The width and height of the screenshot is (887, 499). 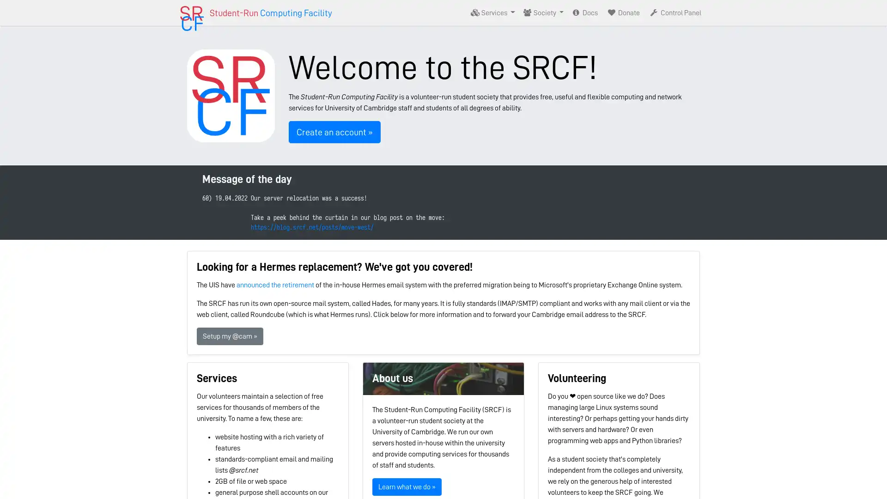 I want to click on Society, so click(x=543, y=12).